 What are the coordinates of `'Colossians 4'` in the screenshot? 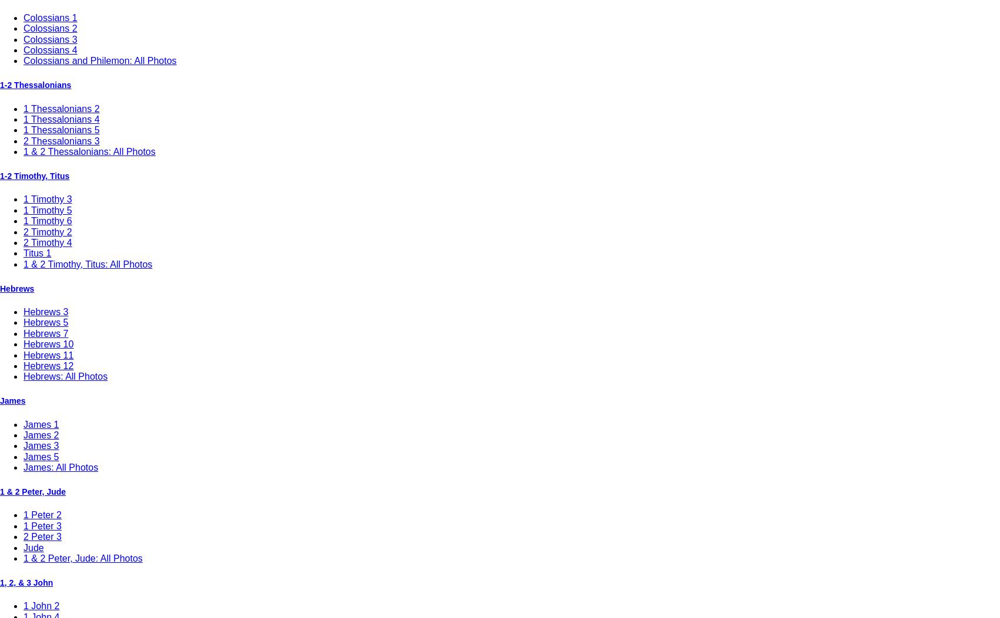 It's located at (23, 49).